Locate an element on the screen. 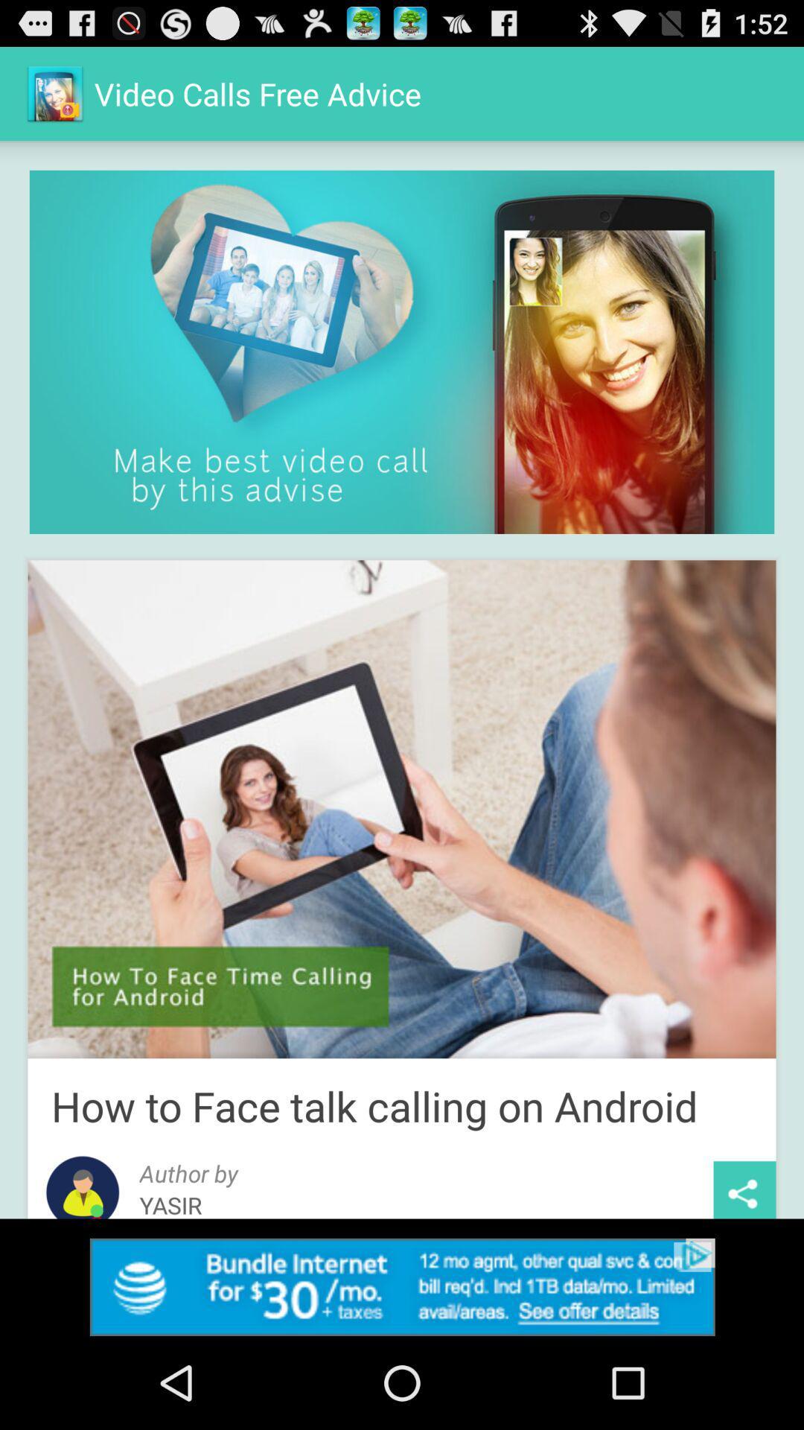  share article is located at coordinates (744, 1189).